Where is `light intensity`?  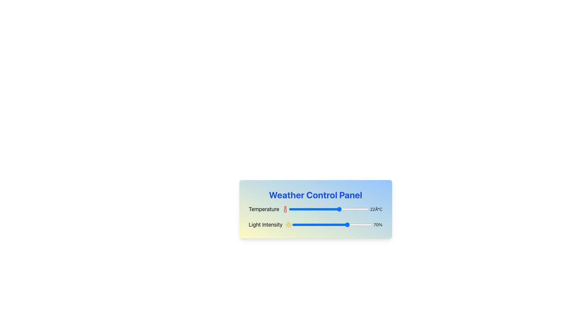 light intensity is located at coordinates (298, 225).